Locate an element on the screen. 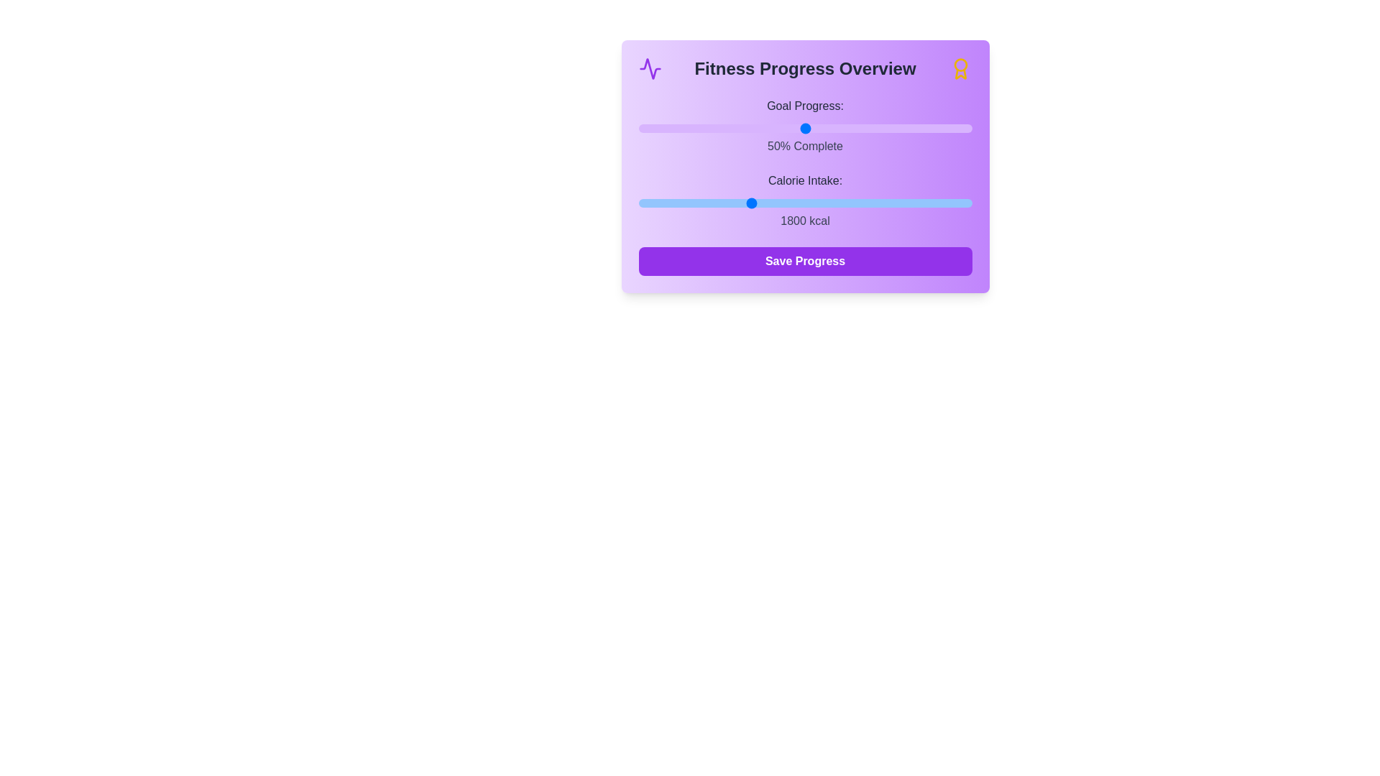 This screenshot has width=1380, height=776. the purple zigzag icon located to the left of the 'Fitness Progress Overview' text is located at coordinates (649, 69).